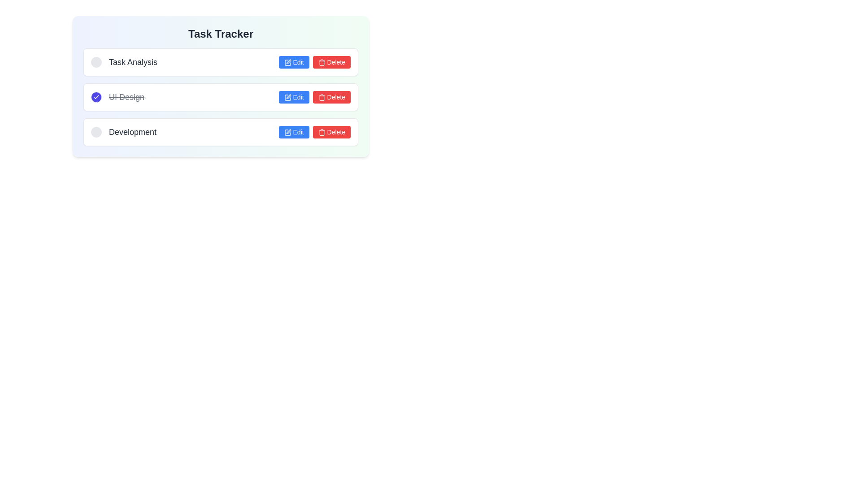 The width and height of the screenshot is (861, 484). What do you see at coordinates (294, 61) in the screenshot?
I see `the 'Edit' button` at bounding box center [294, 61].